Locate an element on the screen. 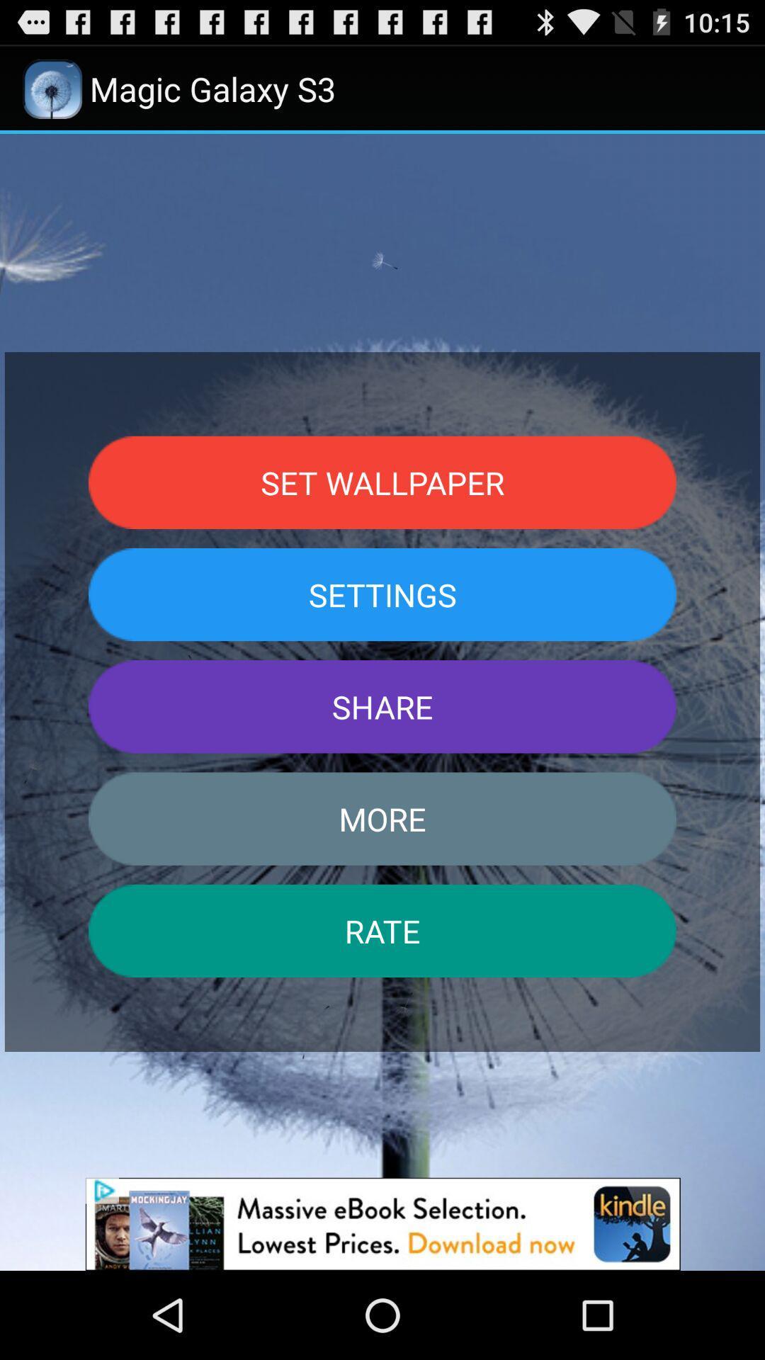  rate is located at coordinates (382, 931).